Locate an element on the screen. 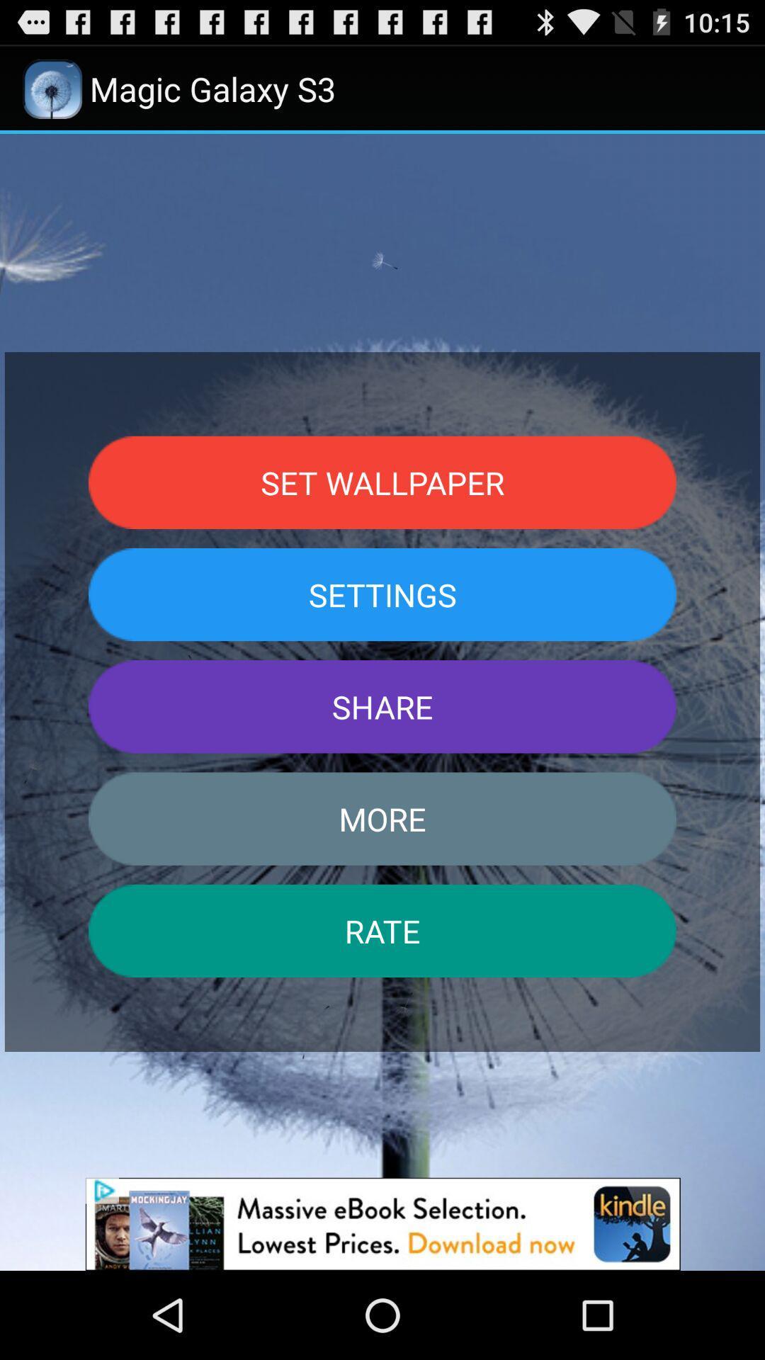  rate is located at coordinates (382, 931).